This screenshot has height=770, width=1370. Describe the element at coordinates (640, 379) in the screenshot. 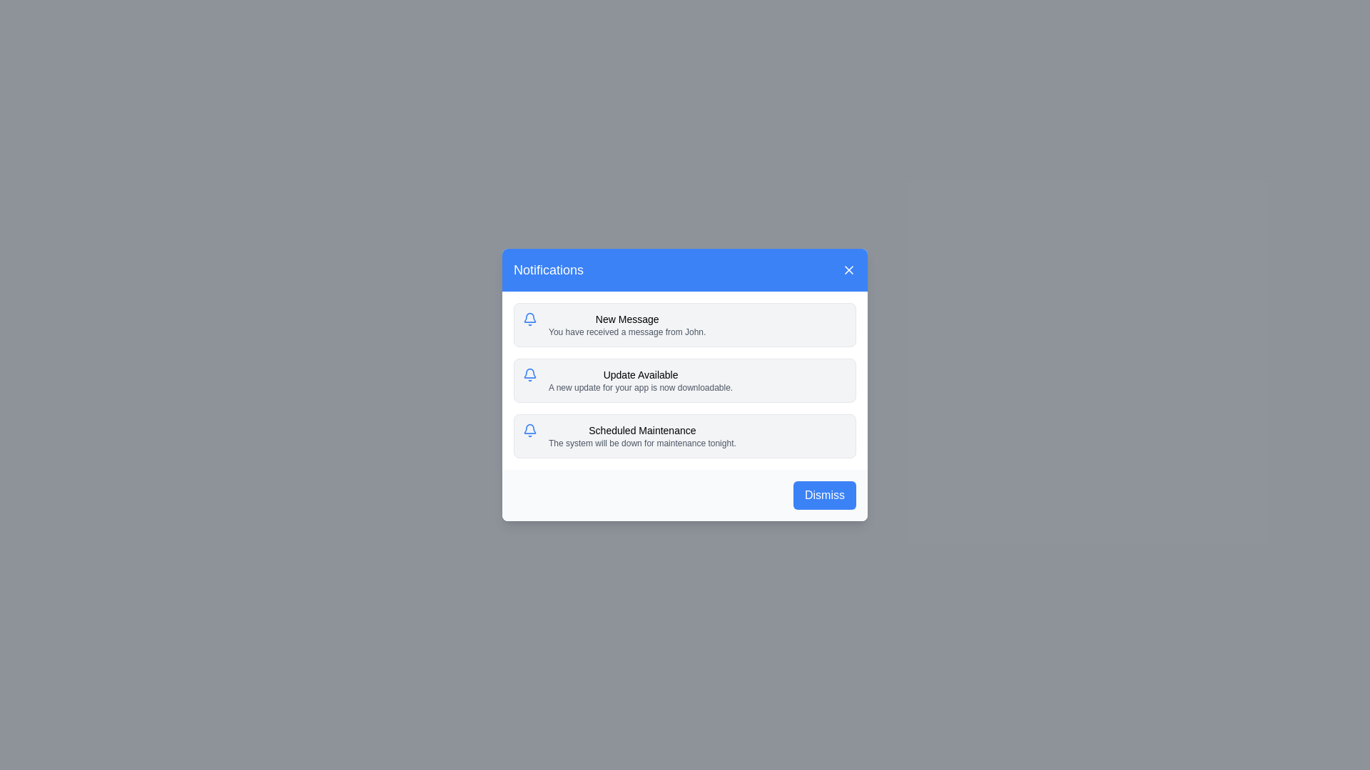

I see `text block titled 'Update Available' which contains information about a new downloadable app update, located in the second notification card of the notification list` at that location.